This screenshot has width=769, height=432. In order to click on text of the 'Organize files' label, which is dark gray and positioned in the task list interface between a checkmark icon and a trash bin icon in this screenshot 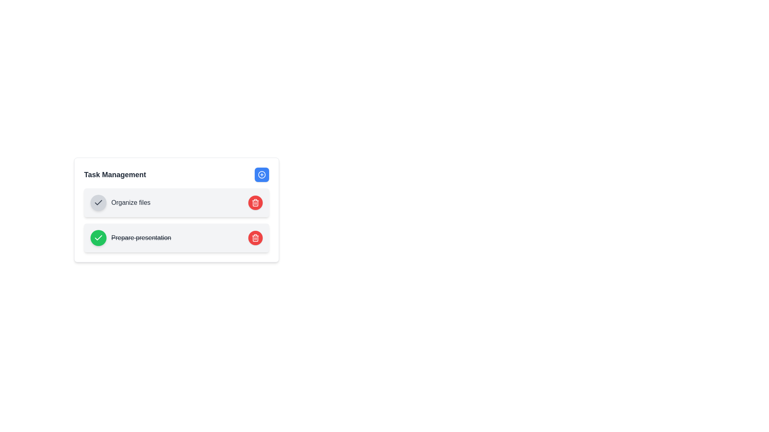, I will do `click(131, 202)`.